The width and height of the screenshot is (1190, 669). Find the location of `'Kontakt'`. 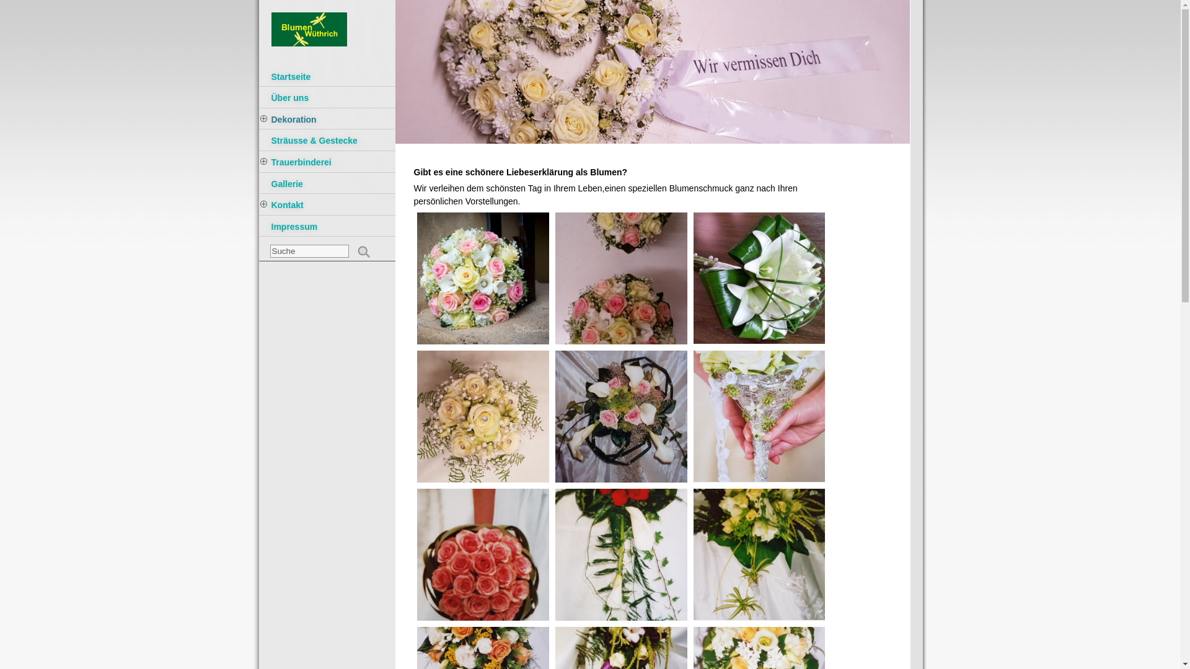

'Kontakt' is located at coordinates (327, 205).